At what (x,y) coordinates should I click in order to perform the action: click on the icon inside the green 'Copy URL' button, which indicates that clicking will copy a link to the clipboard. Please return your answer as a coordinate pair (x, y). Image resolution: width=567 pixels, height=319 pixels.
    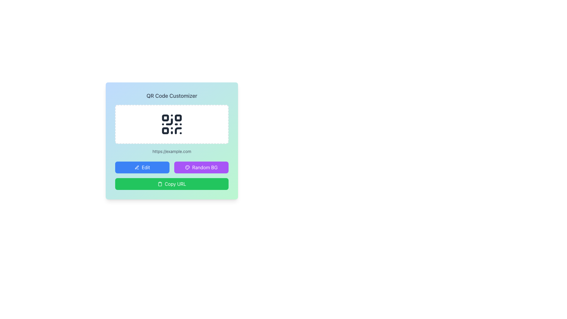
    Looking at the image, I should click on (160, 184).